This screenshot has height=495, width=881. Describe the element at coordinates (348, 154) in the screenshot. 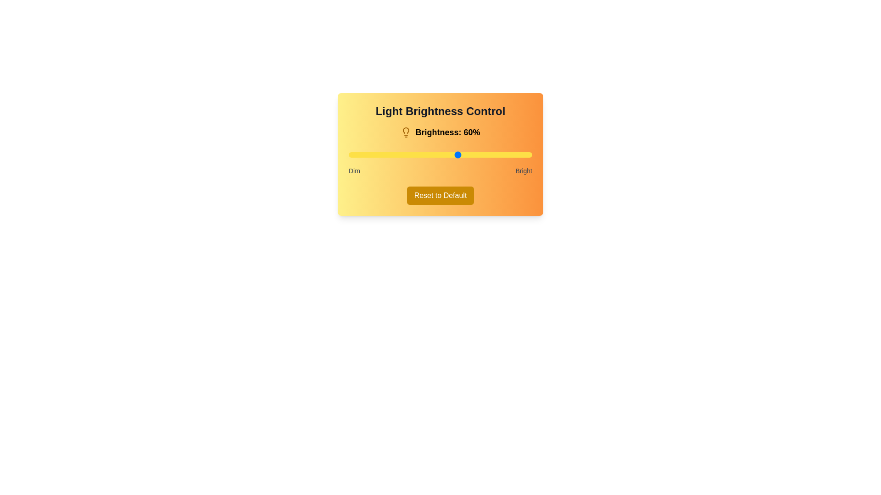

I see `the brightness to 0% using the slider` at that location.